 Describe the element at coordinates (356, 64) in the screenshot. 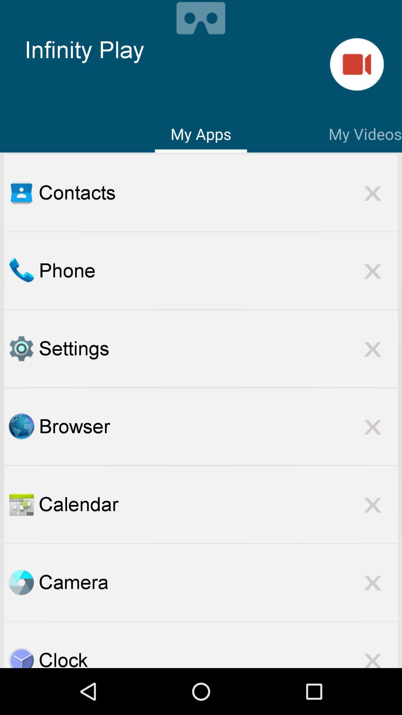

I see `go do geamare` at that location.